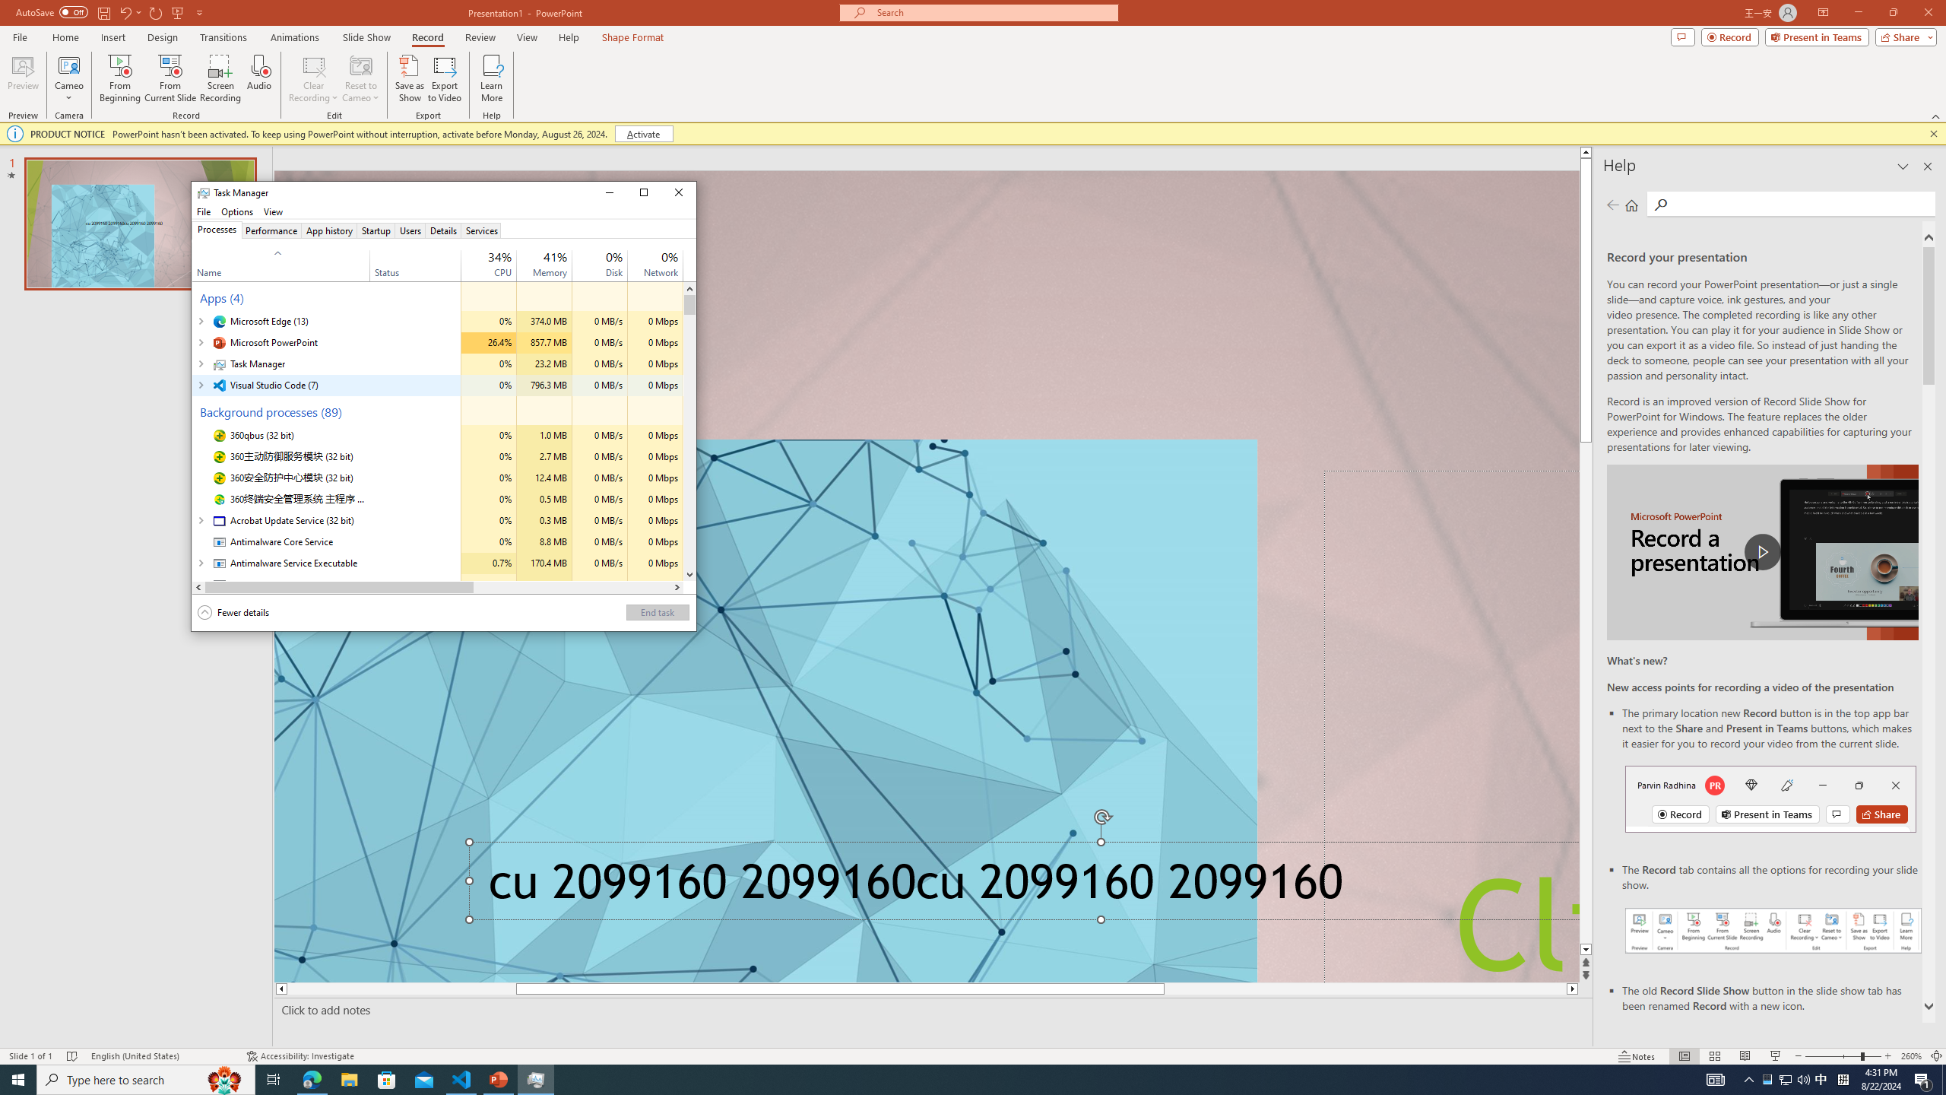 This screenshot has width=1946, height=1095. I want to click on 'Users', so click(410, 230).